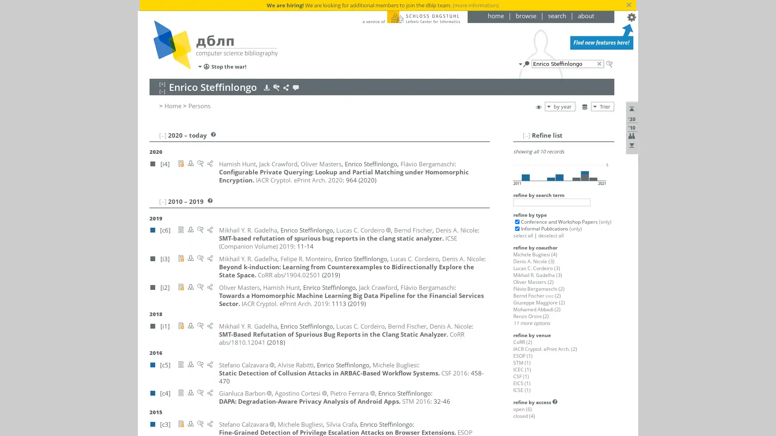 The width and height of the screenshot is (776, 436). Describe the element at coordinates (538, 275) in the screenshot. I see `Mikhail R. Gadelha (3)` at that location.